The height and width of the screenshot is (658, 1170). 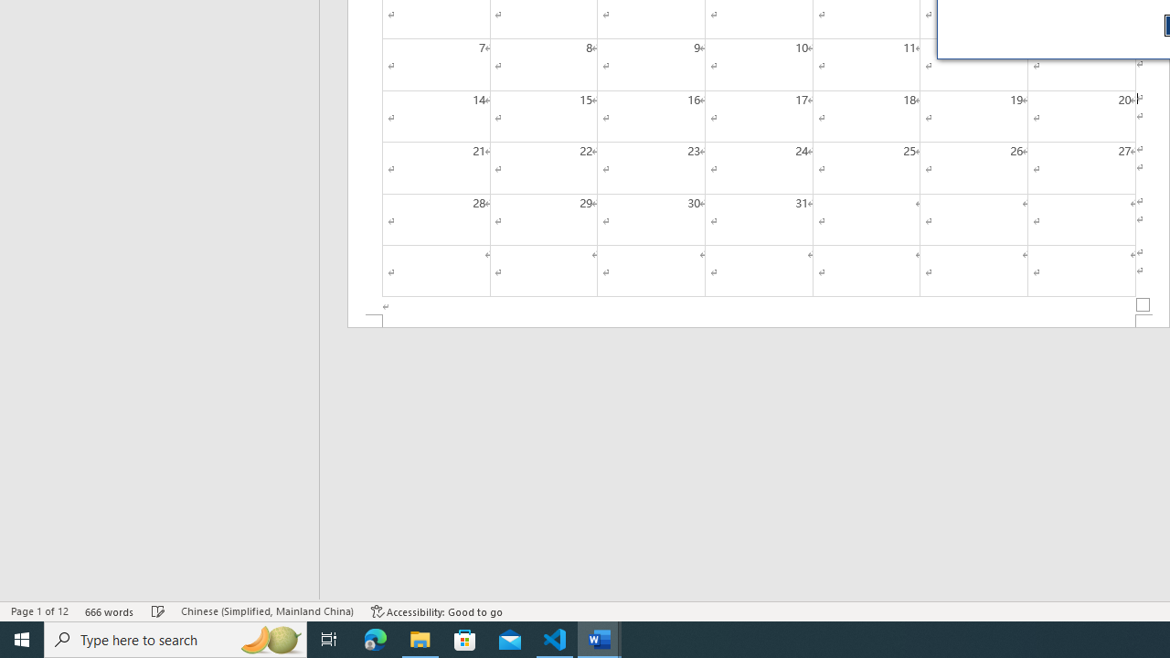 What do you see at coordinates (375, 638) in the screenshot?
I see `'Microsoft Edge'` at bounding box center [375, 638].